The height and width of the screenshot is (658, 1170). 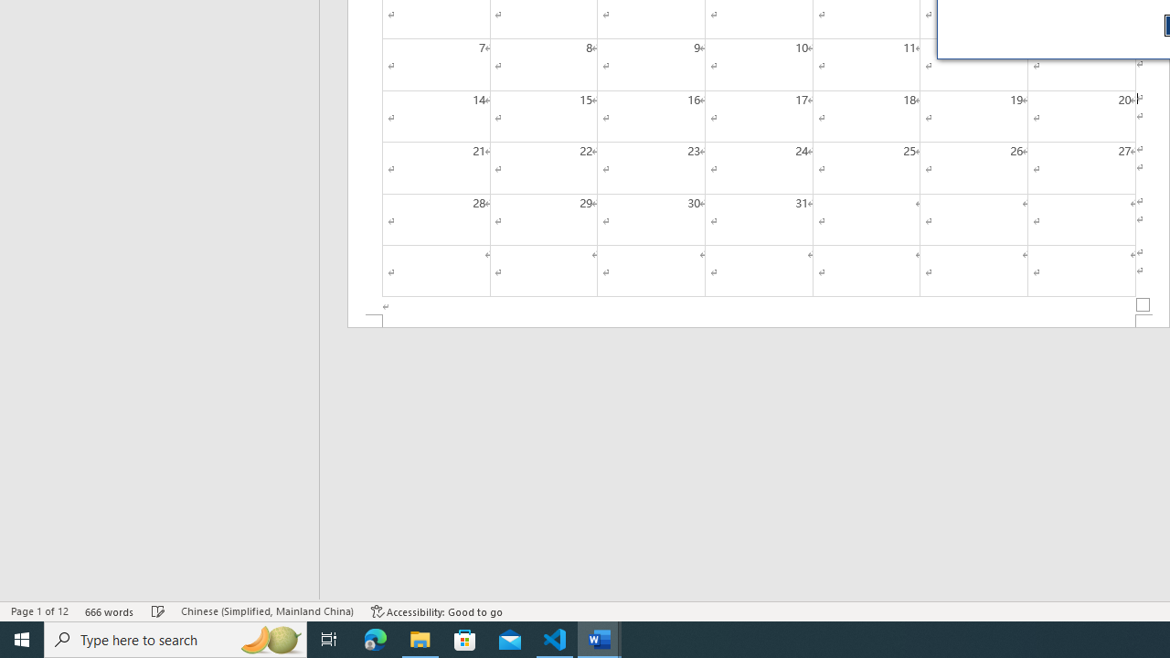 What do you see at coordinates (375, 638) in the screenshot?
I see `'Microsoft Edge'` at bounding box center [375, 638].